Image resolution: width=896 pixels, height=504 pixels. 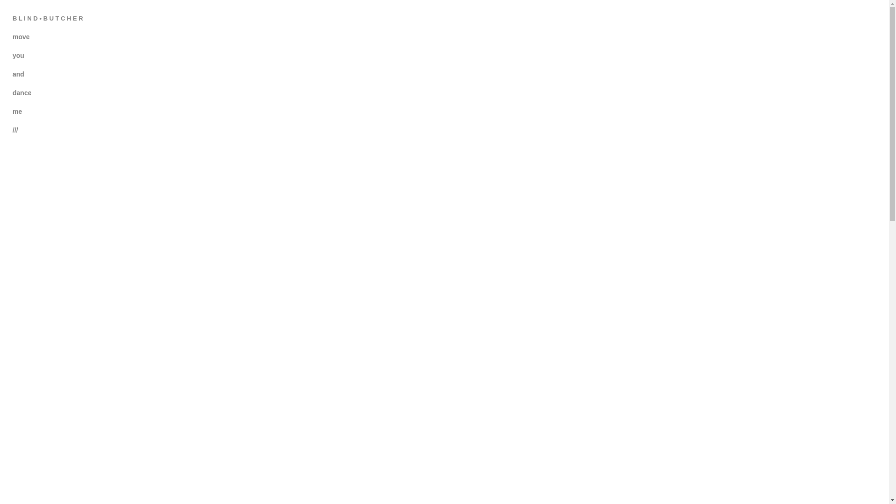 I want to click on 'dance', so click(x=22, y=93).